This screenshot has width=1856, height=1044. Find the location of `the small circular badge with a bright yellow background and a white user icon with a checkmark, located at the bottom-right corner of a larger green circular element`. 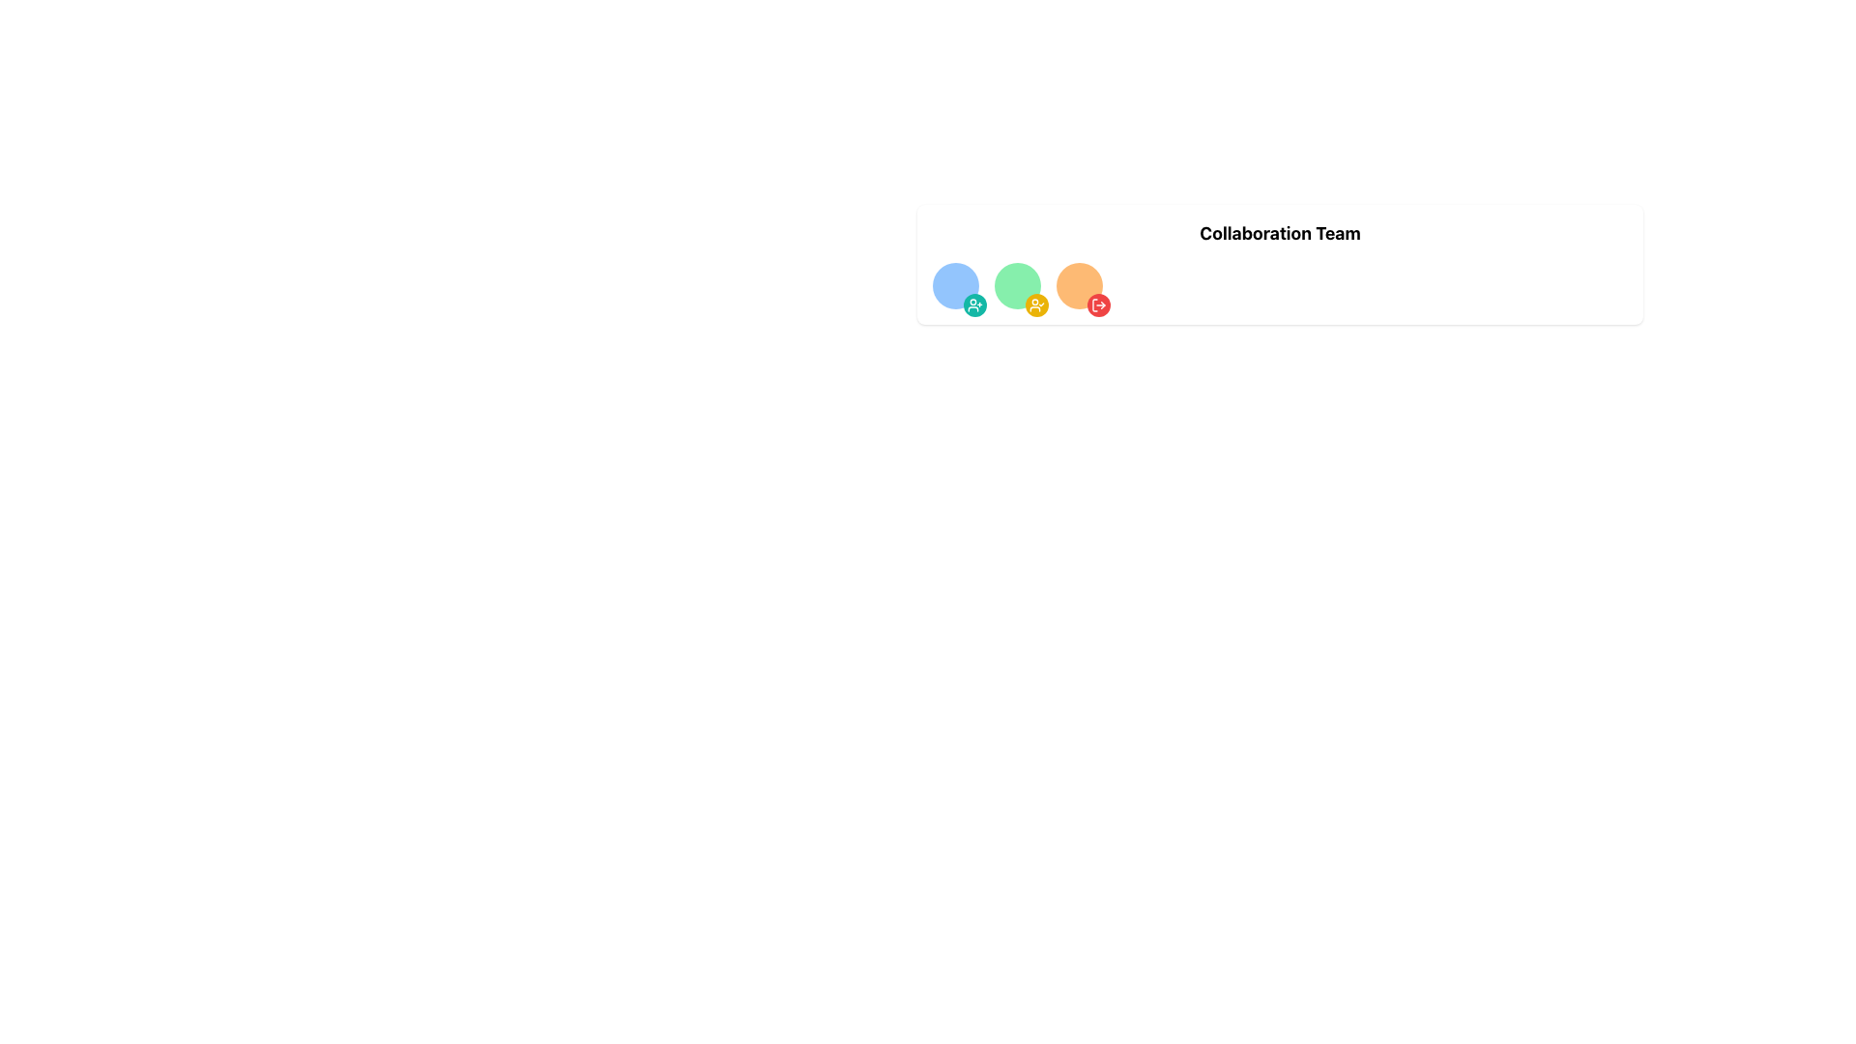

the small circular badge with a bright yellow background and a white user icon with a checkmark, located at the bottom-right corner of a larger green circular element is located at coordinates (1036, 304).